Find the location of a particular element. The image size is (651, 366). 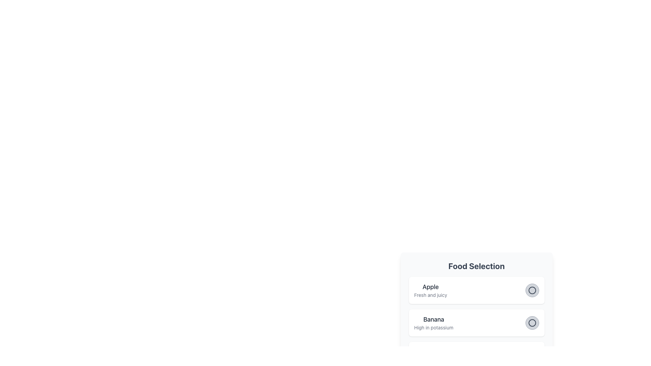

the Text Display element that shows 'Apple' with a description 'Fresh and juicy', located under the 'Food Selection' title is located at coordinates (430, 290).